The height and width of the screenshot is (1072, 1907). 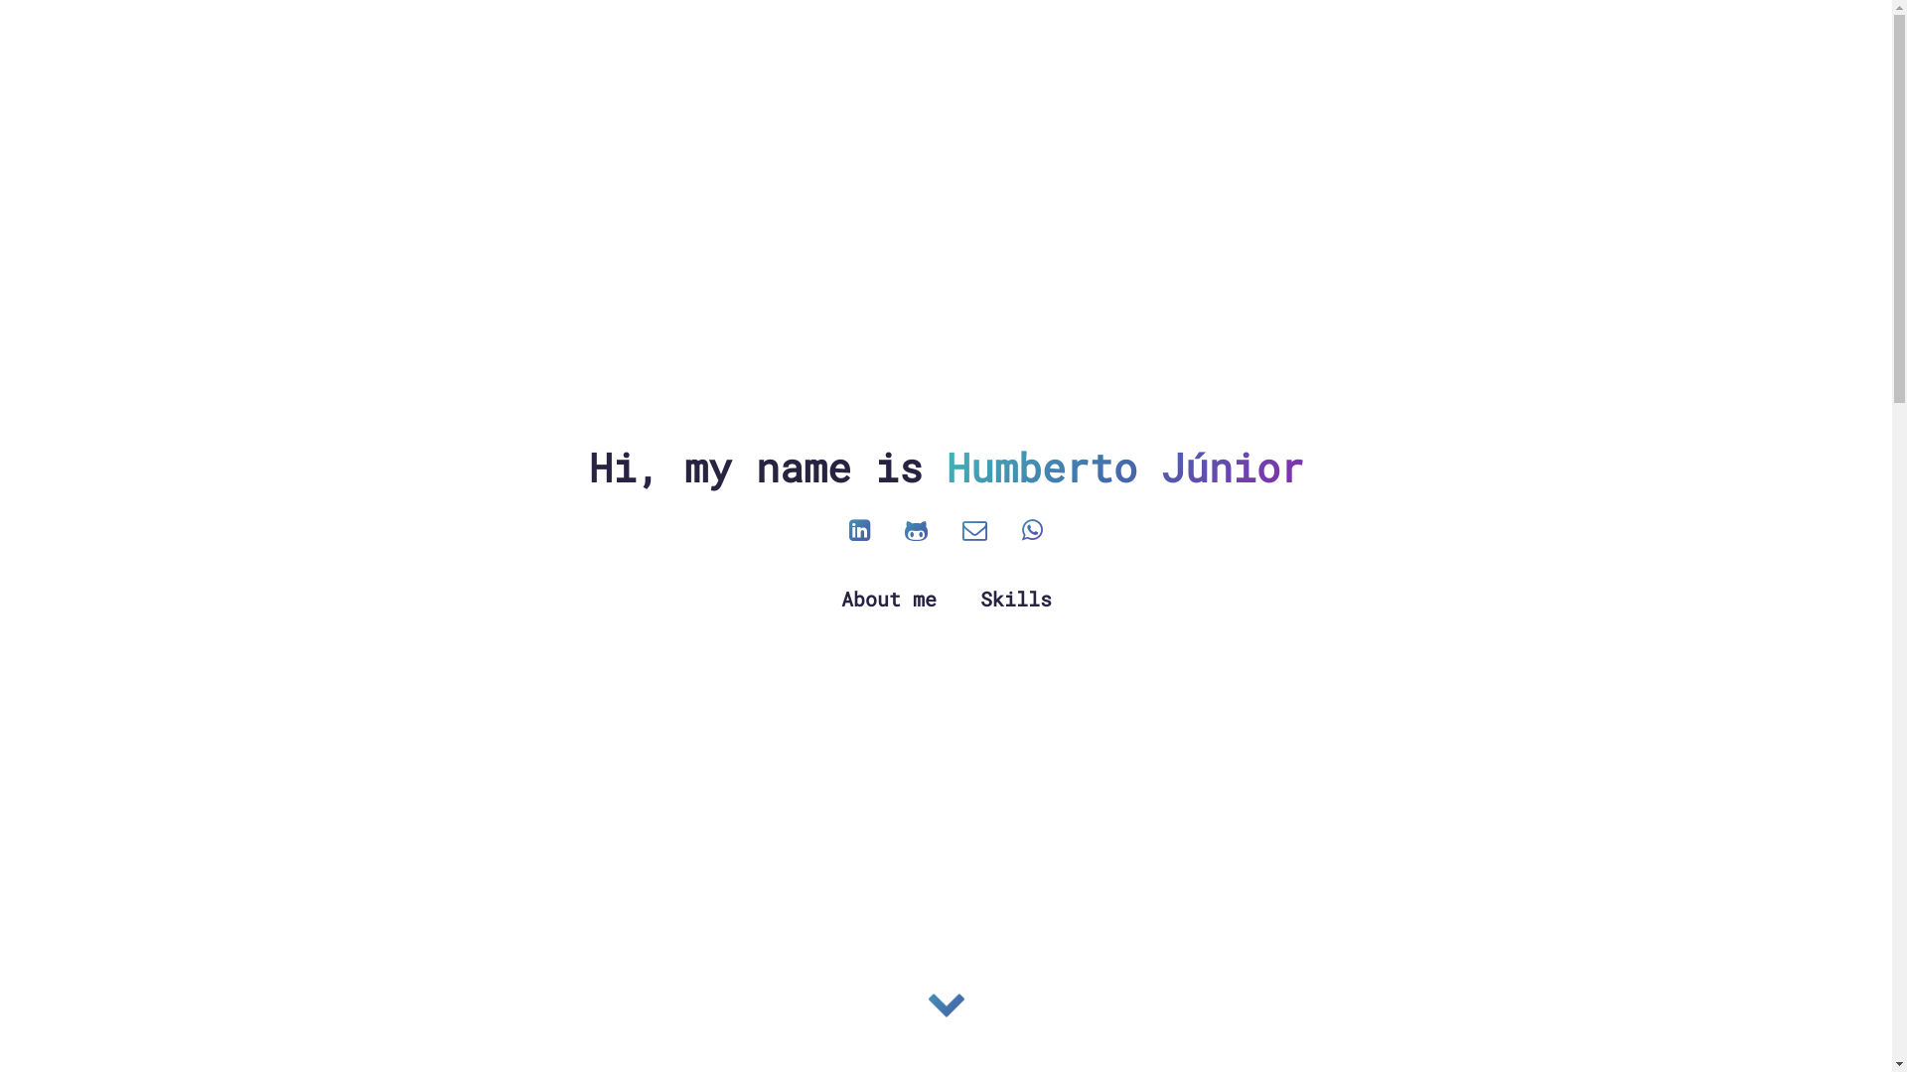 I want to click on 'About me', so click(x=839, y=597).